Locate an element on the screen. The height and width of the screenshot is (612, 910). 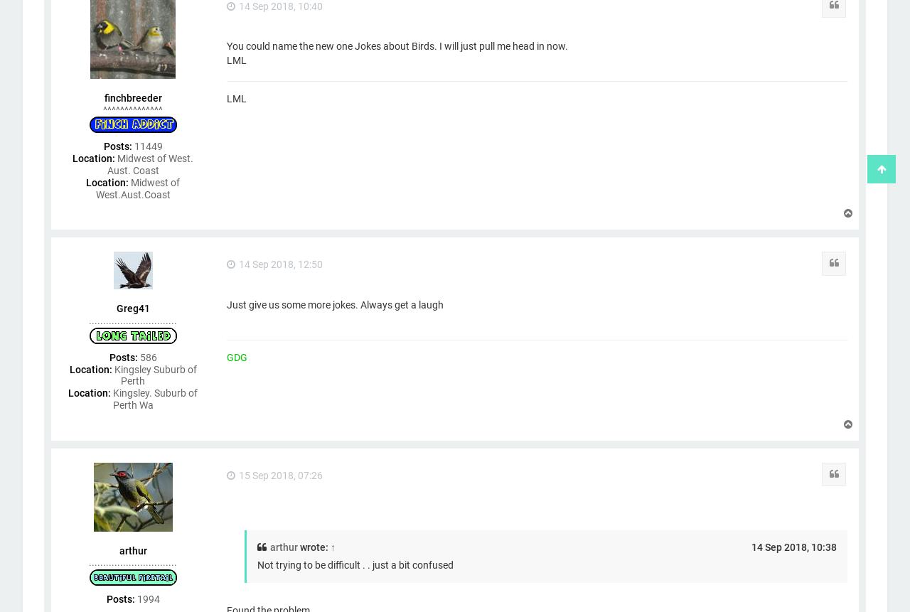
'Kingsley Suburb of Perth' is located at coordinates (154, 375).